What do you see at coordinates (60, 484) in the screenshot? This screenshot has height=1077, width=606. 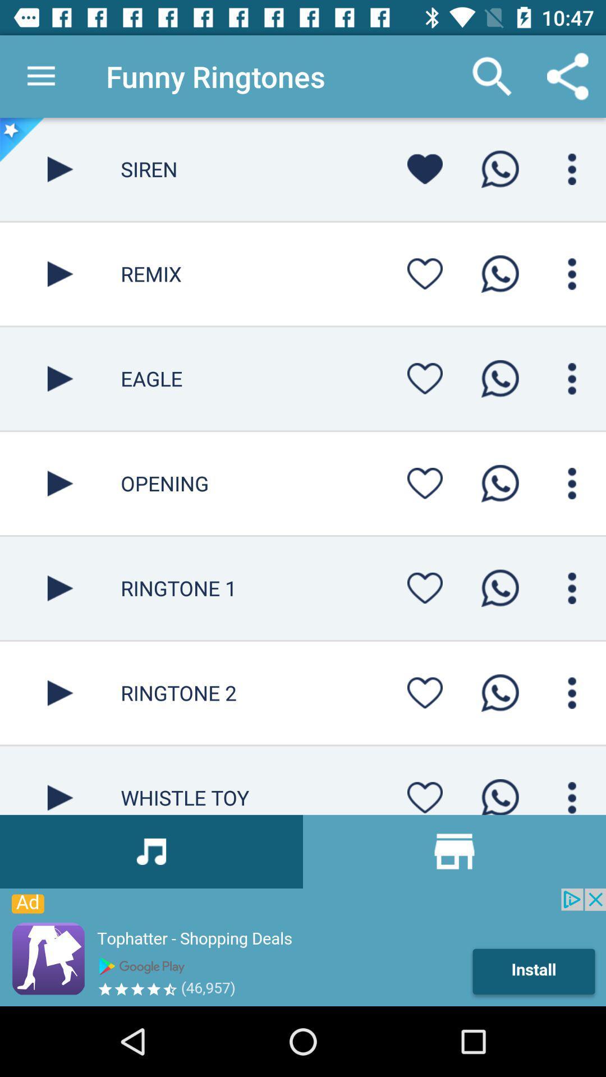 I see `ringtone` at bounding box center [60, 484].